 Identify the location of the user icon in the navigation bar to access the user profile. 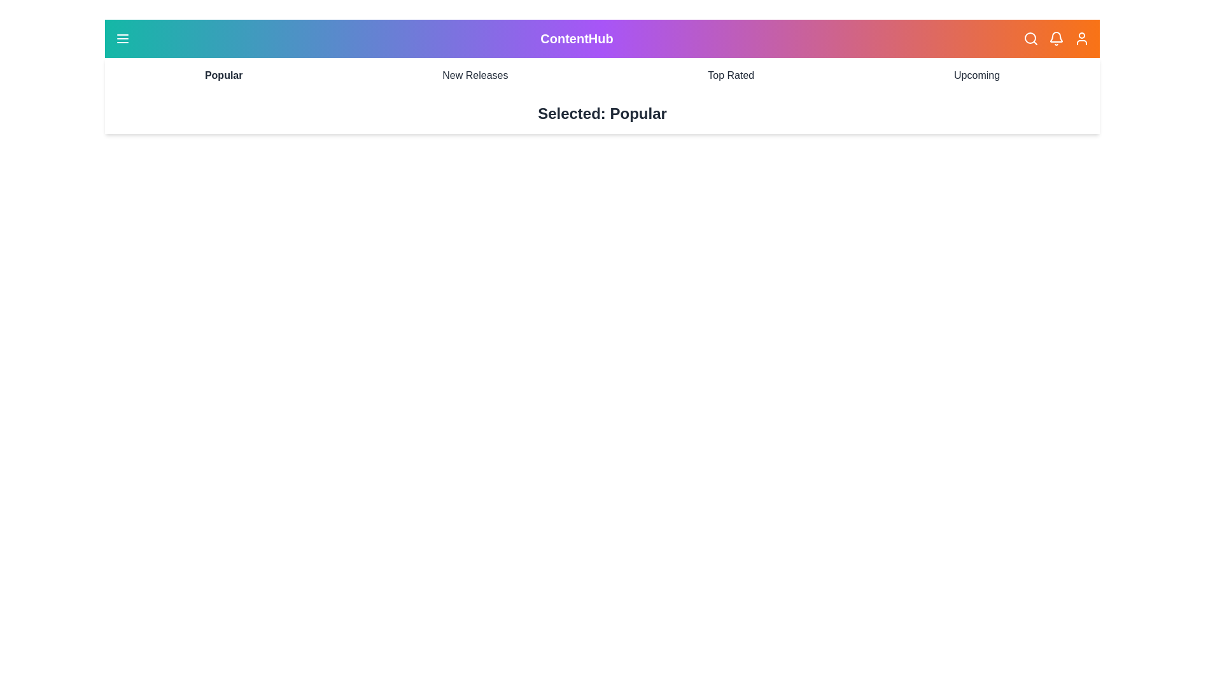
(1081, 38).